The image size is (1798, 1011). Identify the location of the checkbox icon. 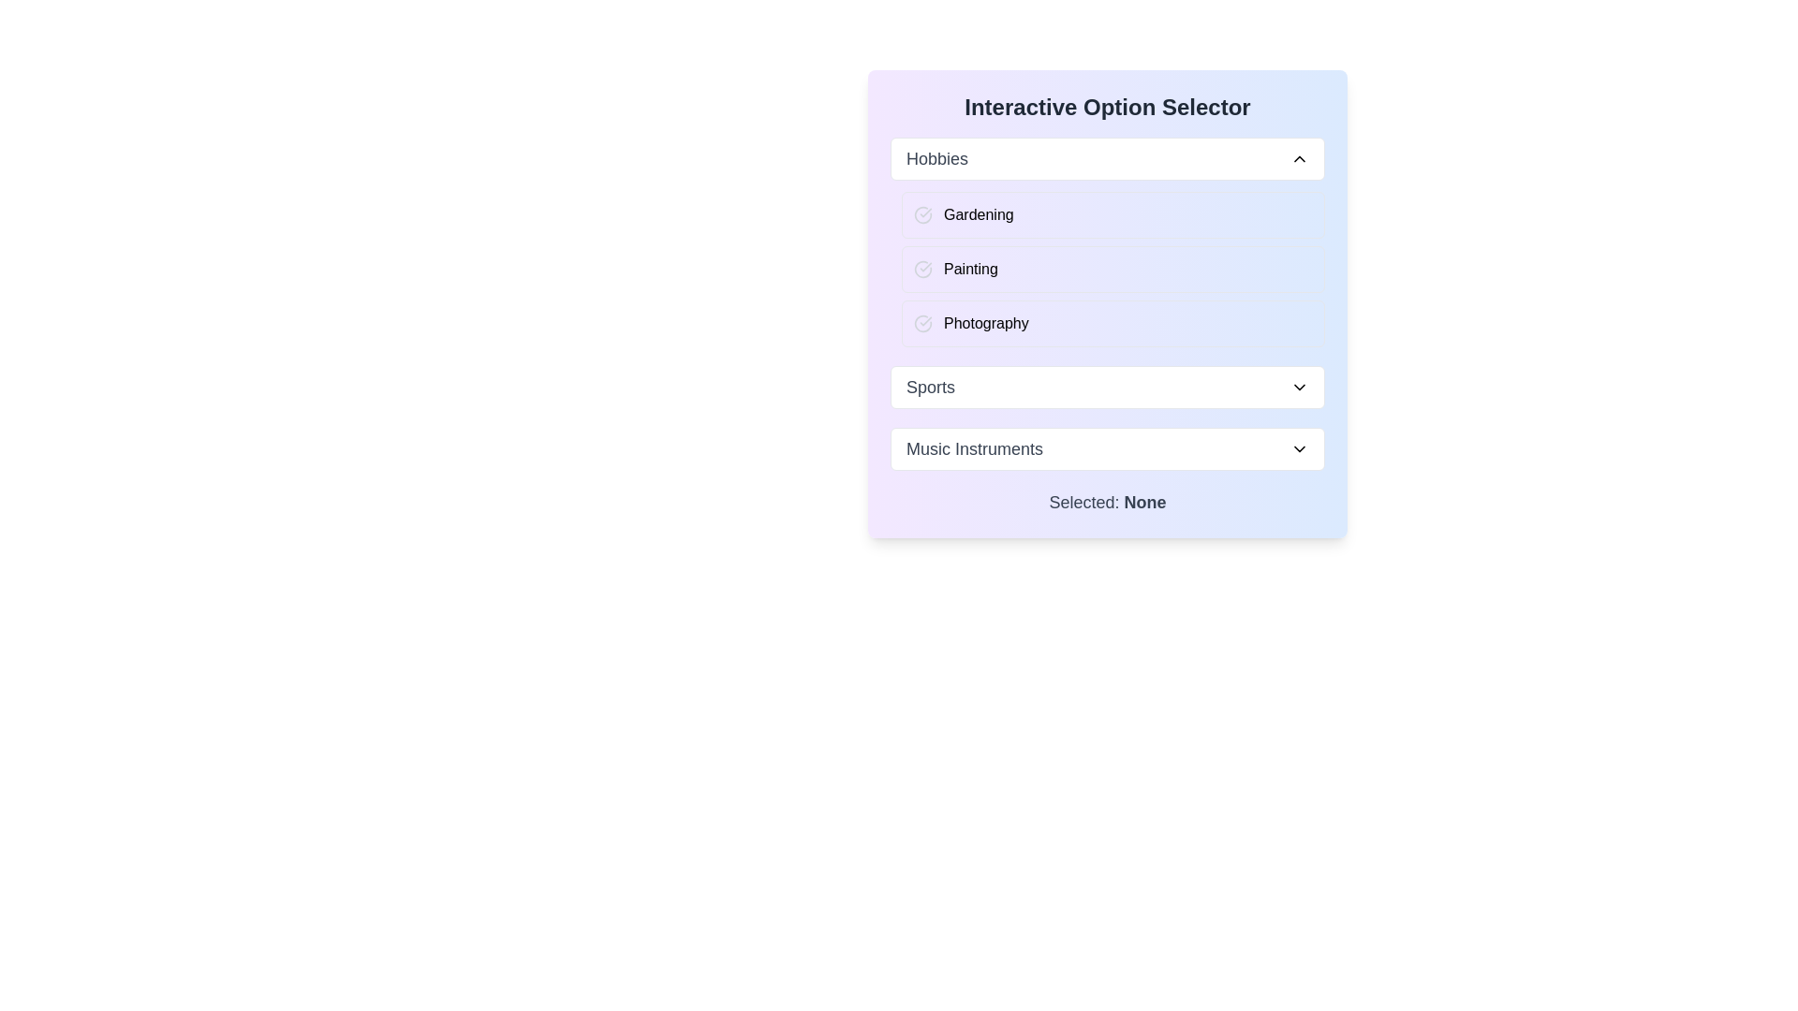
(922, 214).